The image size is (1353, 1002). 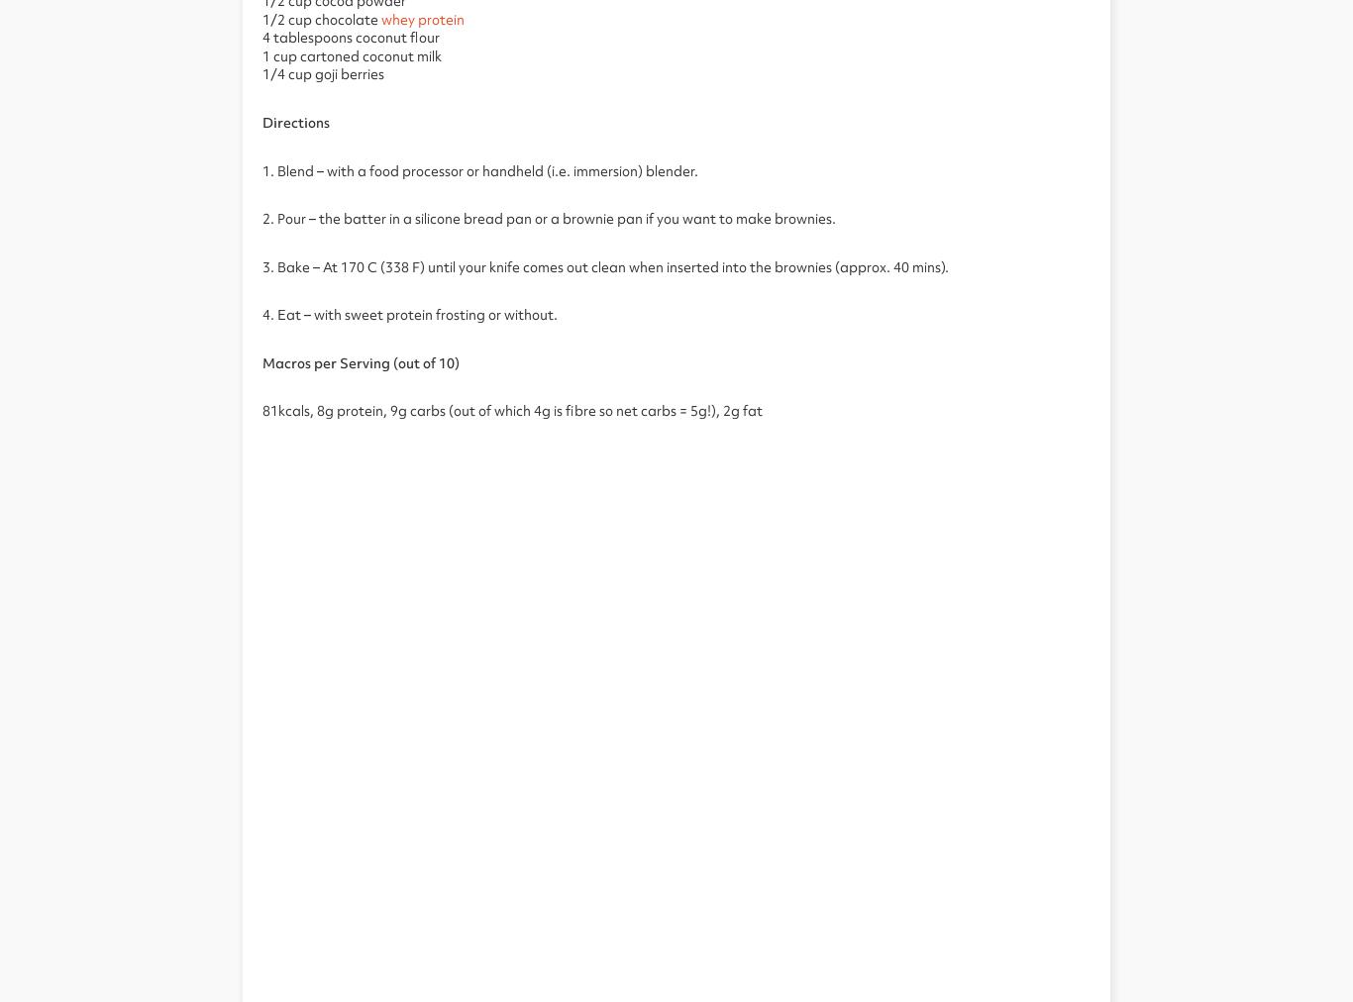 What do you see at coordinates (59, 139) in the screenshot?
I see `'Protein Snacks'` at bounding box center [59, 139].